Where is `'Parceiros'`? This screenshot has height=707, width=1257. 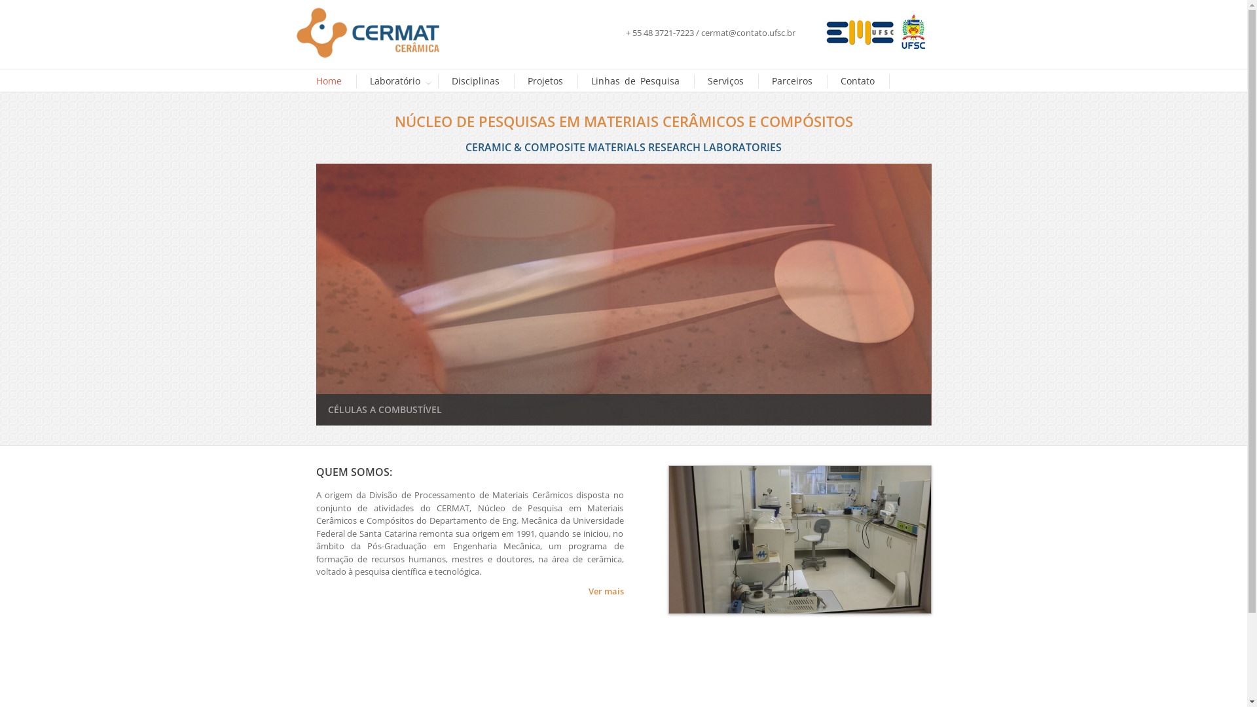
'Parceiros' is located at coordinates (791, 81).